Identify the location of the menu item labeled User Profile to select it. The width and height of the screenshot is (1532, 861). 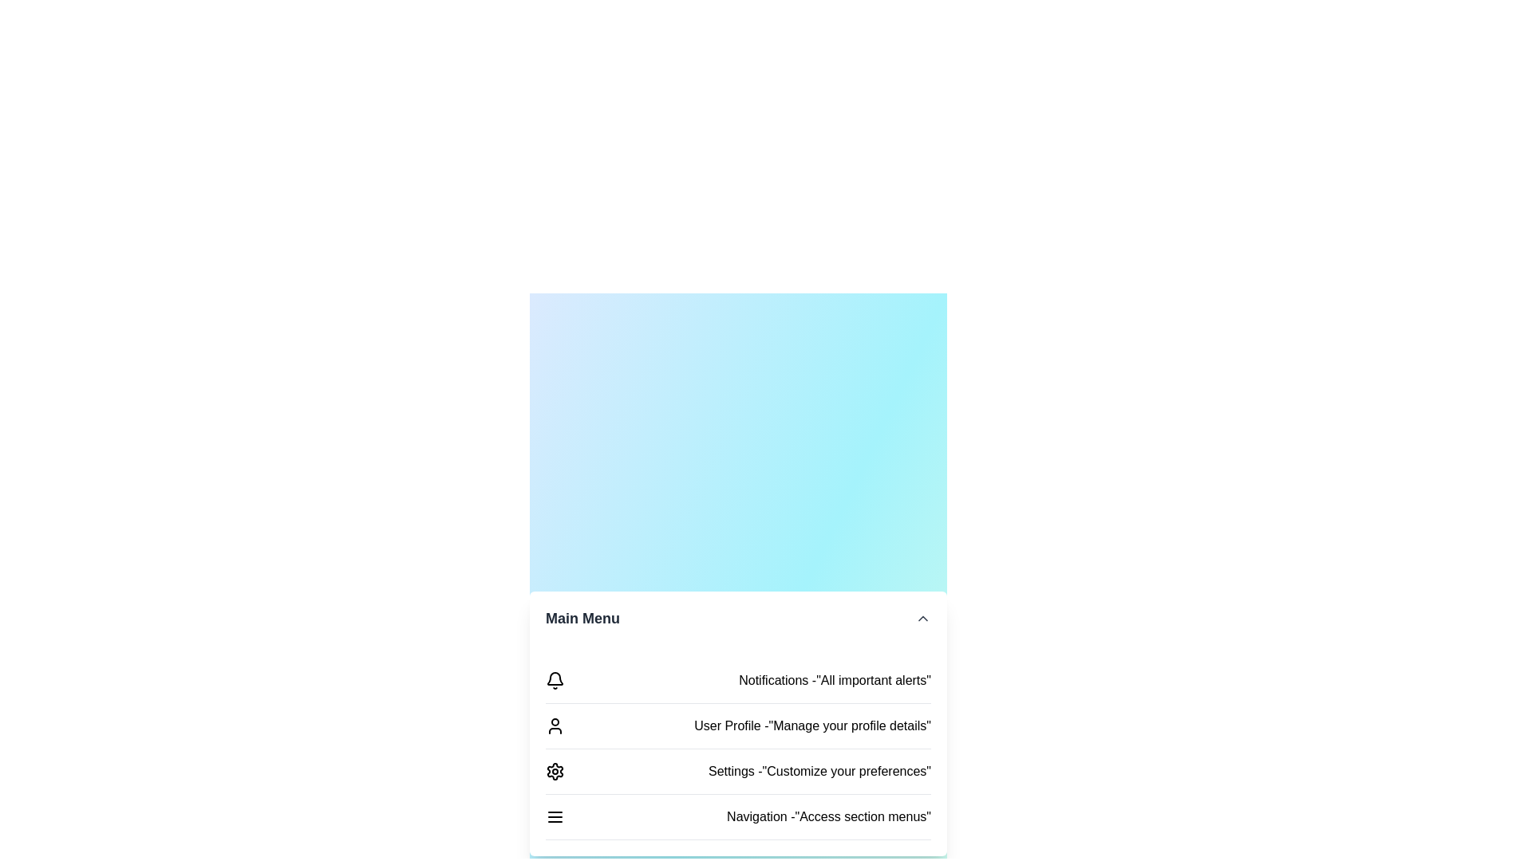
(555, 725).